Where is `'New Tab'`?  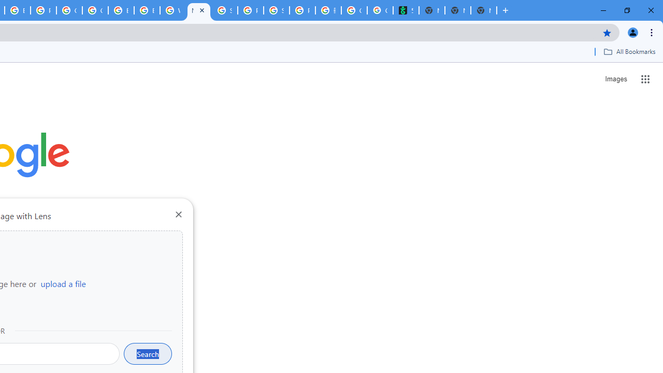
'New Tab' is located at coordinates (483, 10).